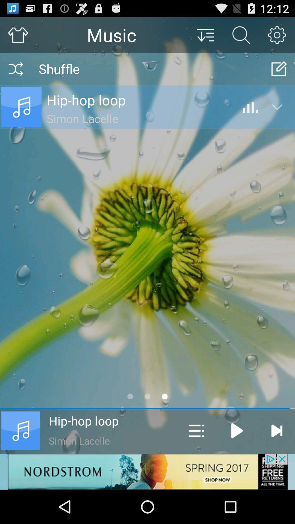 This screenshot has width=295, height=524. What do you see at coordinates (147, 471) in the screenshot?
I see `the app below simon lacelle` at bounding box center [147, 471].